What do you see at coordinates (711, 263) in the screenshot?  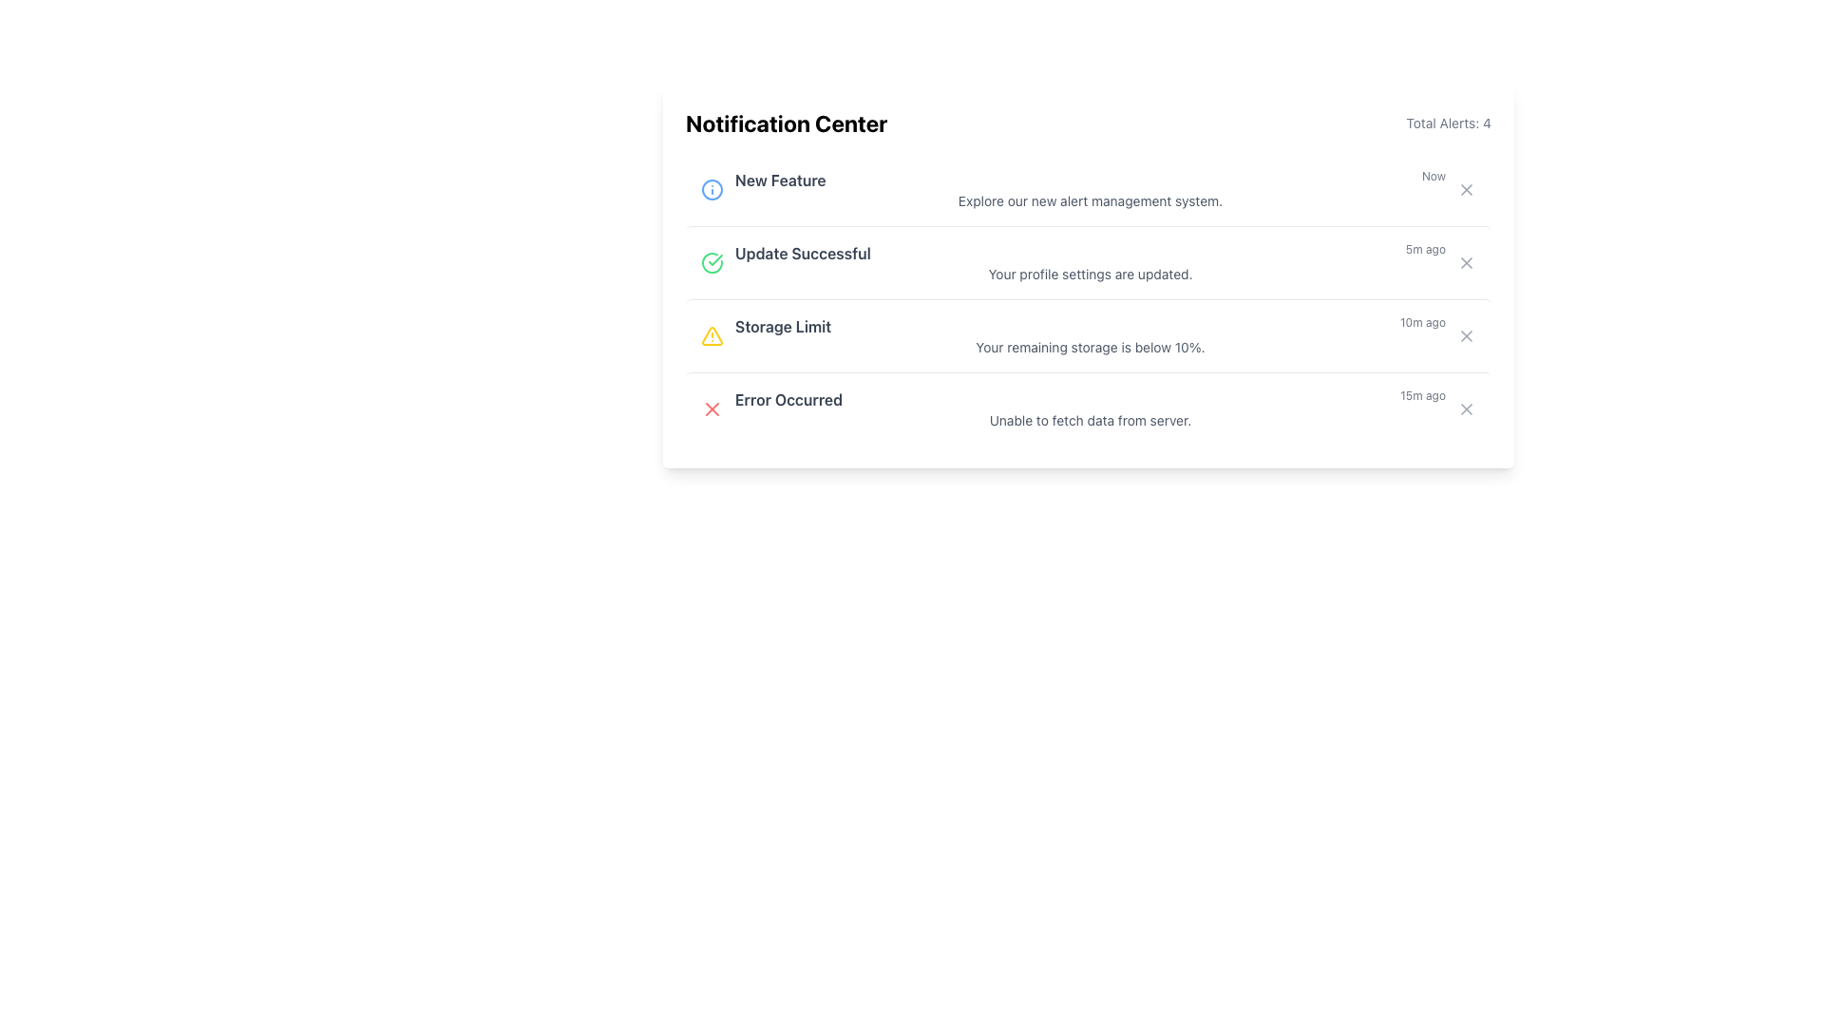 I see `the Success Indicator icon, which is a checkmark symbol inside a green circle, located at the beginning of the 'Update Successful' notification row under the 'Notification Center'` at bounding box center [711, 263].